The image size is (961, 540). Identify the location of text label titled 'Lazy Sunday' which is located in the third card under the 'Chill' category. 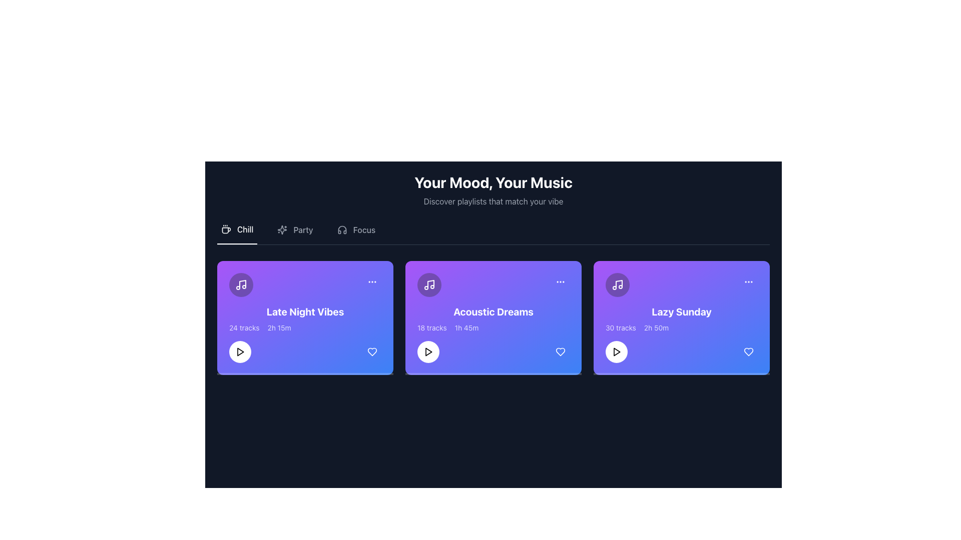
(681, 311).